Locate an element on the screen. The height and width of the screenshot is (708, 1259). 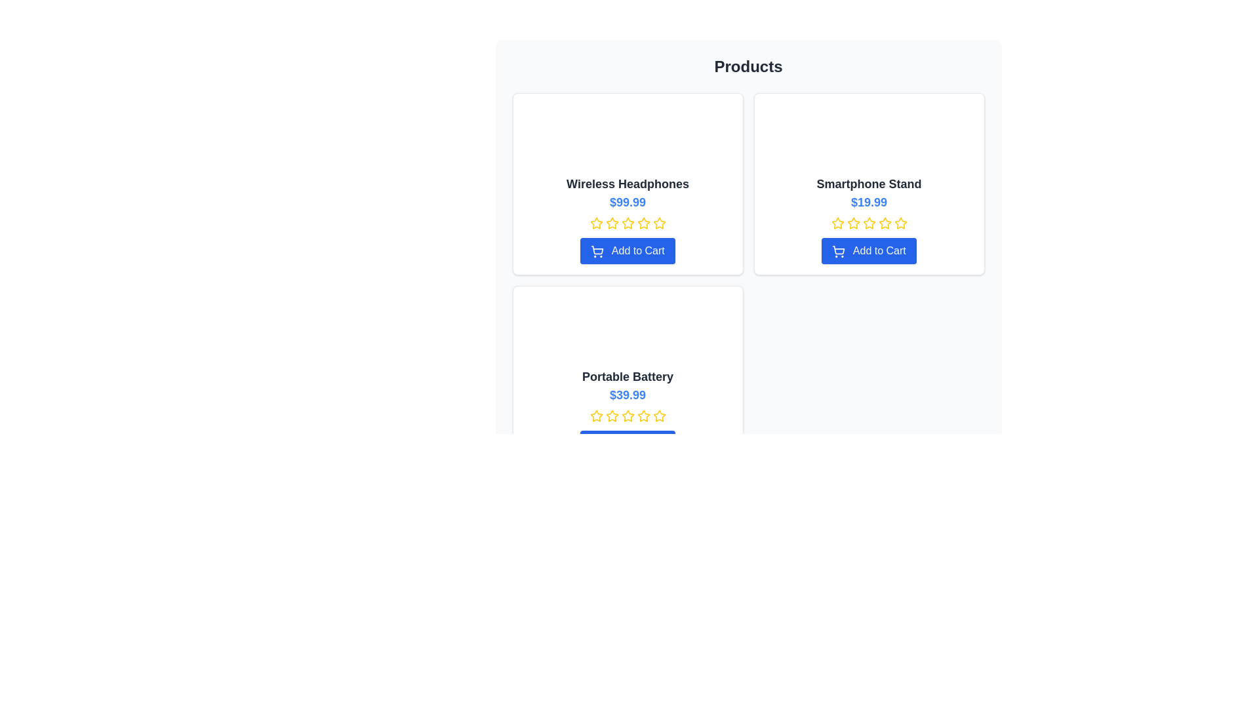
the shopping cart icon within the 'Add to Cart' button located at the bottom of the 'Smartphone Stand' product card is located at coordinates (838, 250).